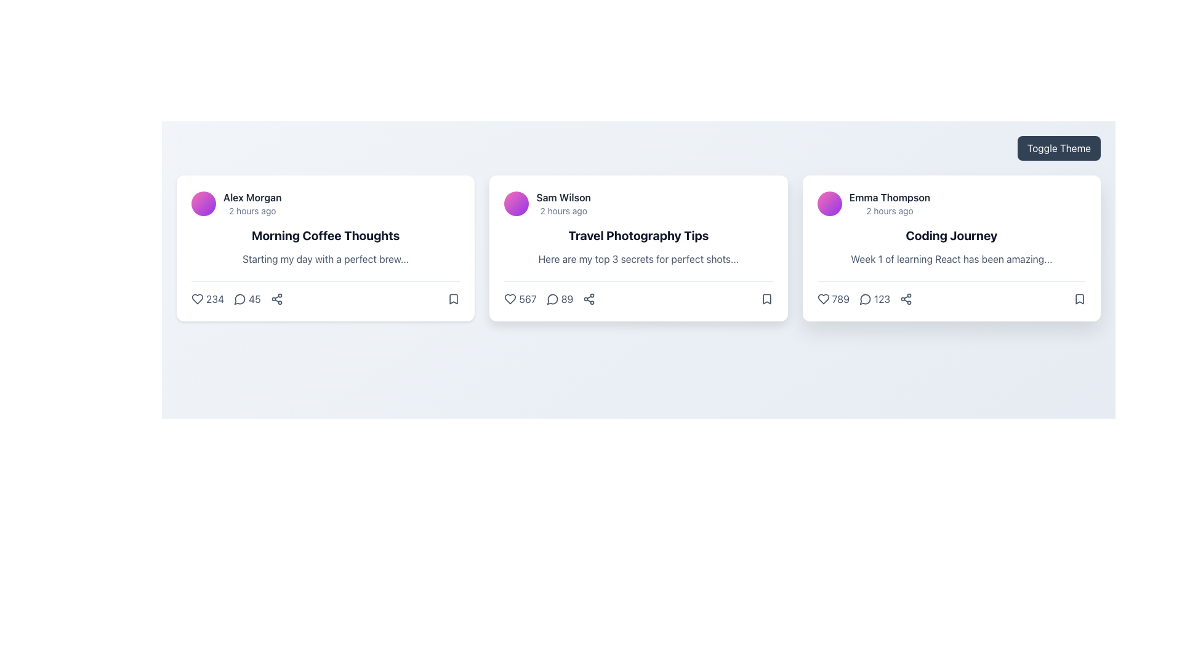 Image resolution: width=1182 pixels, height=665 pixels. What do you see at coordinates (276, 299) in the screenshot?
I see `the share icon, which is styled with rounded edges and depicts three interconnected circles, located in the bottom-right corner of the leftmost content card` at bounding box center [276, 299].